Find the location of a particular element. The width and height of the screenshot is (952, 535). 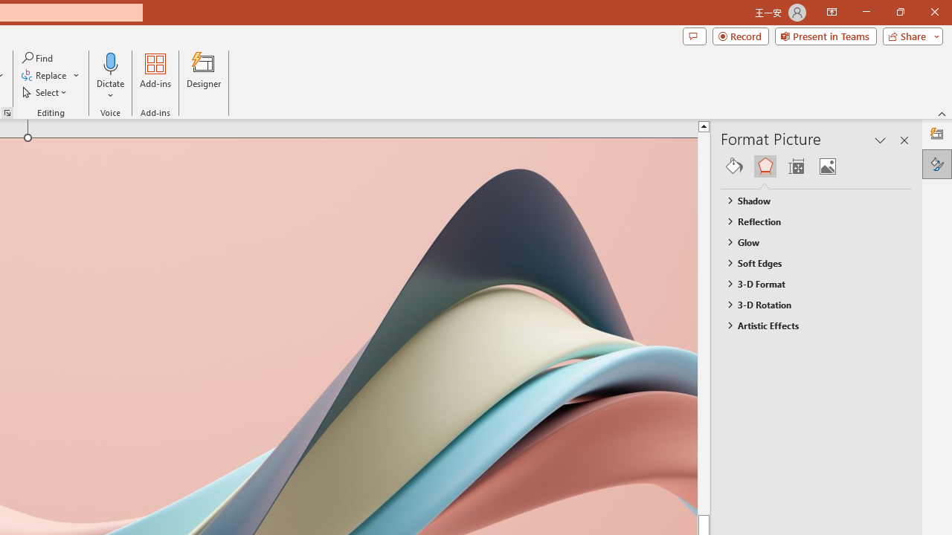

'Size & Properties' is located at coordinates (795, 166).